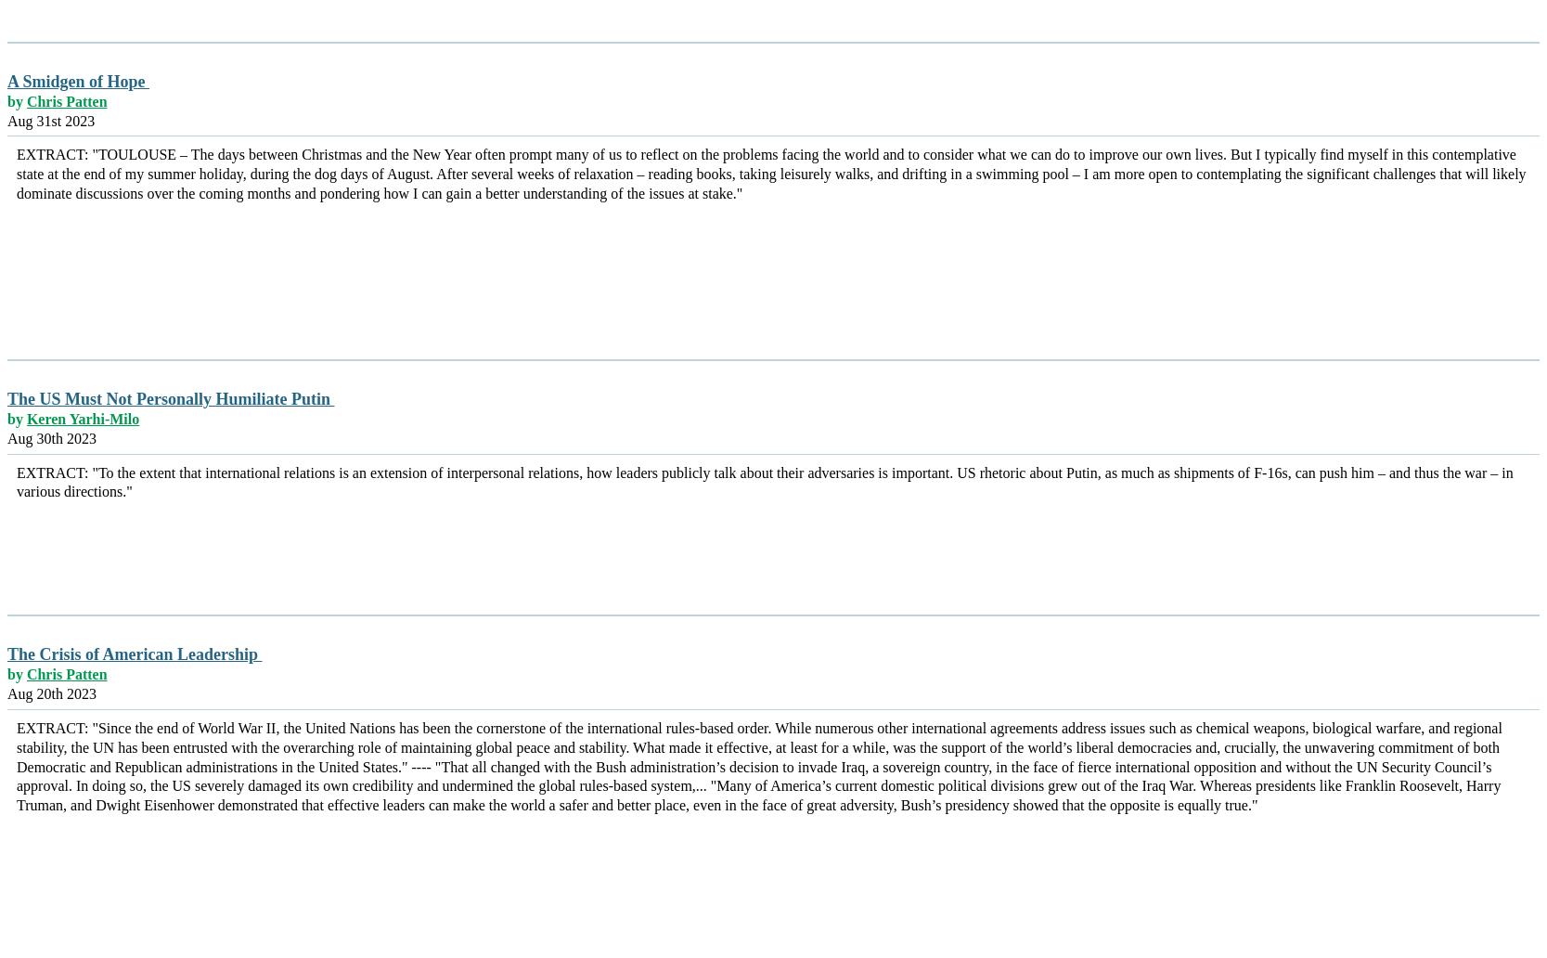 This screenshot has width=1547, height=958. What do you see at coordinates (77, 80) in the screenshot?
I see `'A Smidgen of Hope'` at bounding box center [77, 80].